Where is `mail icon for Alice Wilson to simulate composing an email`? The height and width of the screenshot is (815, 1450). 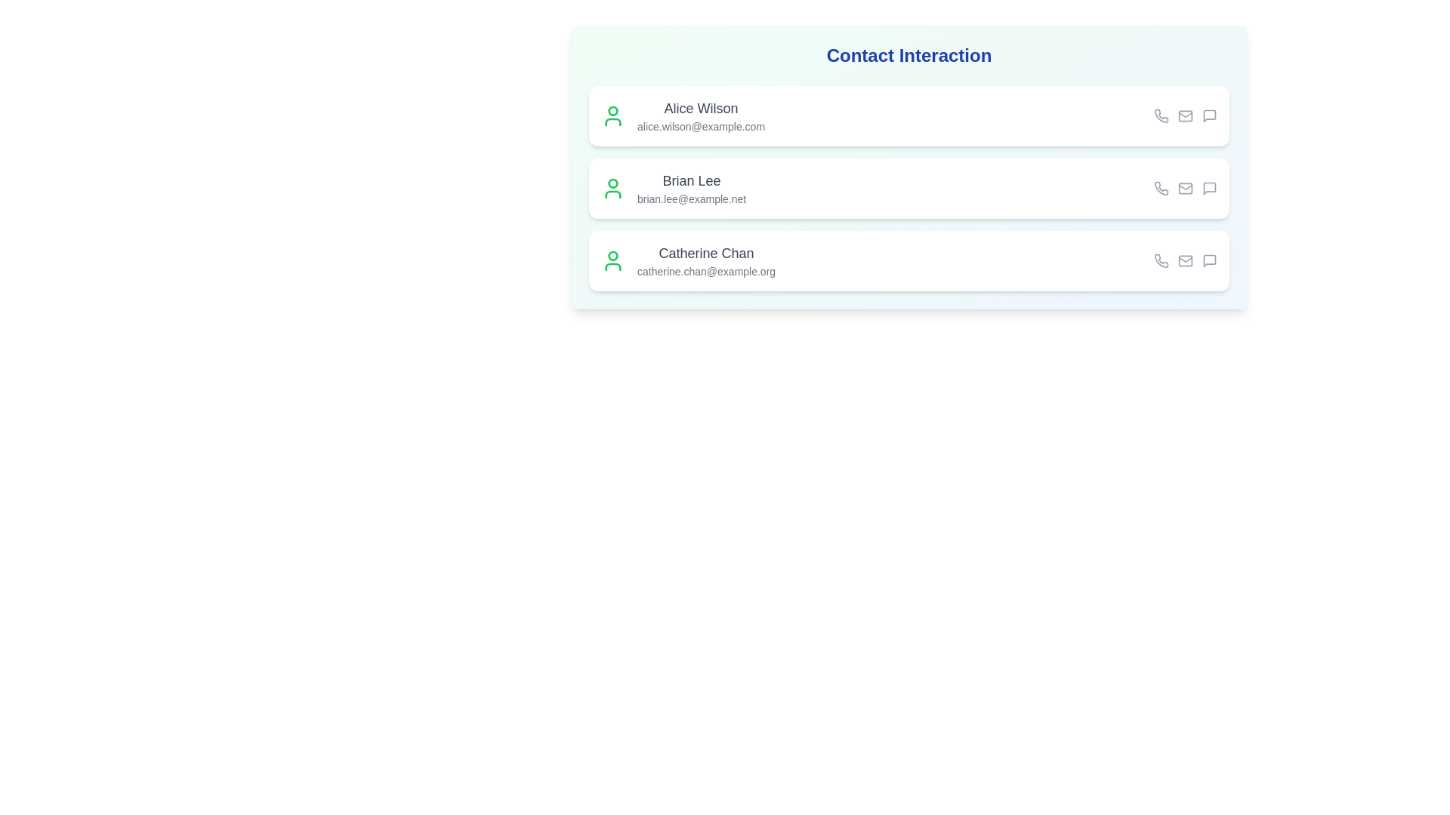 mail icon for Alice Wilson to simulate composing an email is located at coordinates (1184, 115).